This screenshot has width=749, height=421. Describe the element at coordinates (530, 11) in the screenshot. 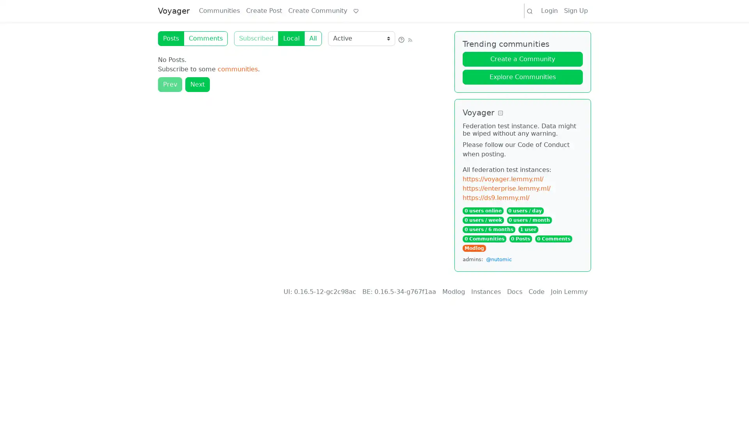

I see `Search` at that location.